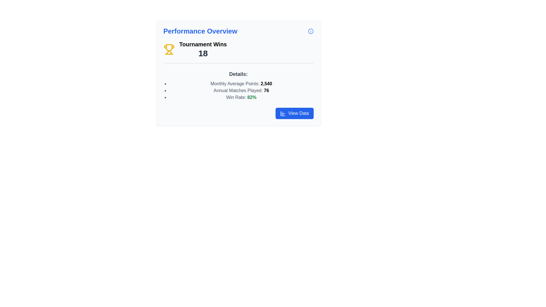  What do you see at coordinates (266, 84) in the screenshot?
I see `the numeric value '2,540' representing the user's monthly average points in the 'Details:' section of the card layout` at bounding box center [266, 84].